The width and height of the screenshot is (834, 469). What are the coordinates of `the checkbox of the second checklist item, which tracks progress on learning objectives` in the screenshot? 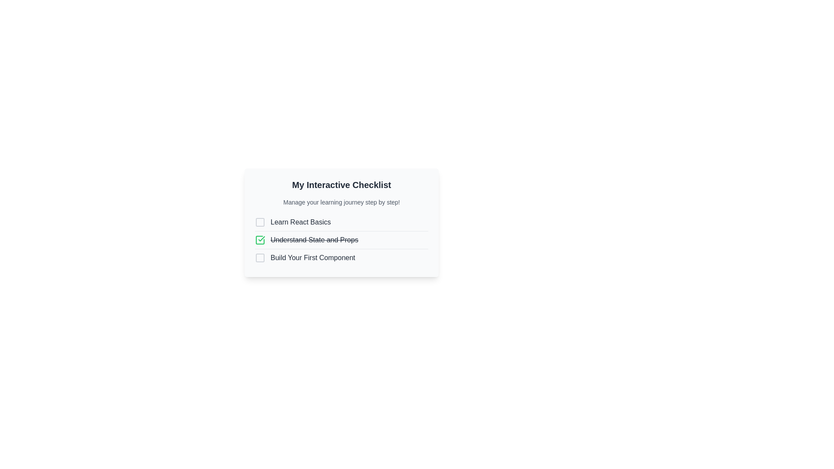 It's located at (341, 235).